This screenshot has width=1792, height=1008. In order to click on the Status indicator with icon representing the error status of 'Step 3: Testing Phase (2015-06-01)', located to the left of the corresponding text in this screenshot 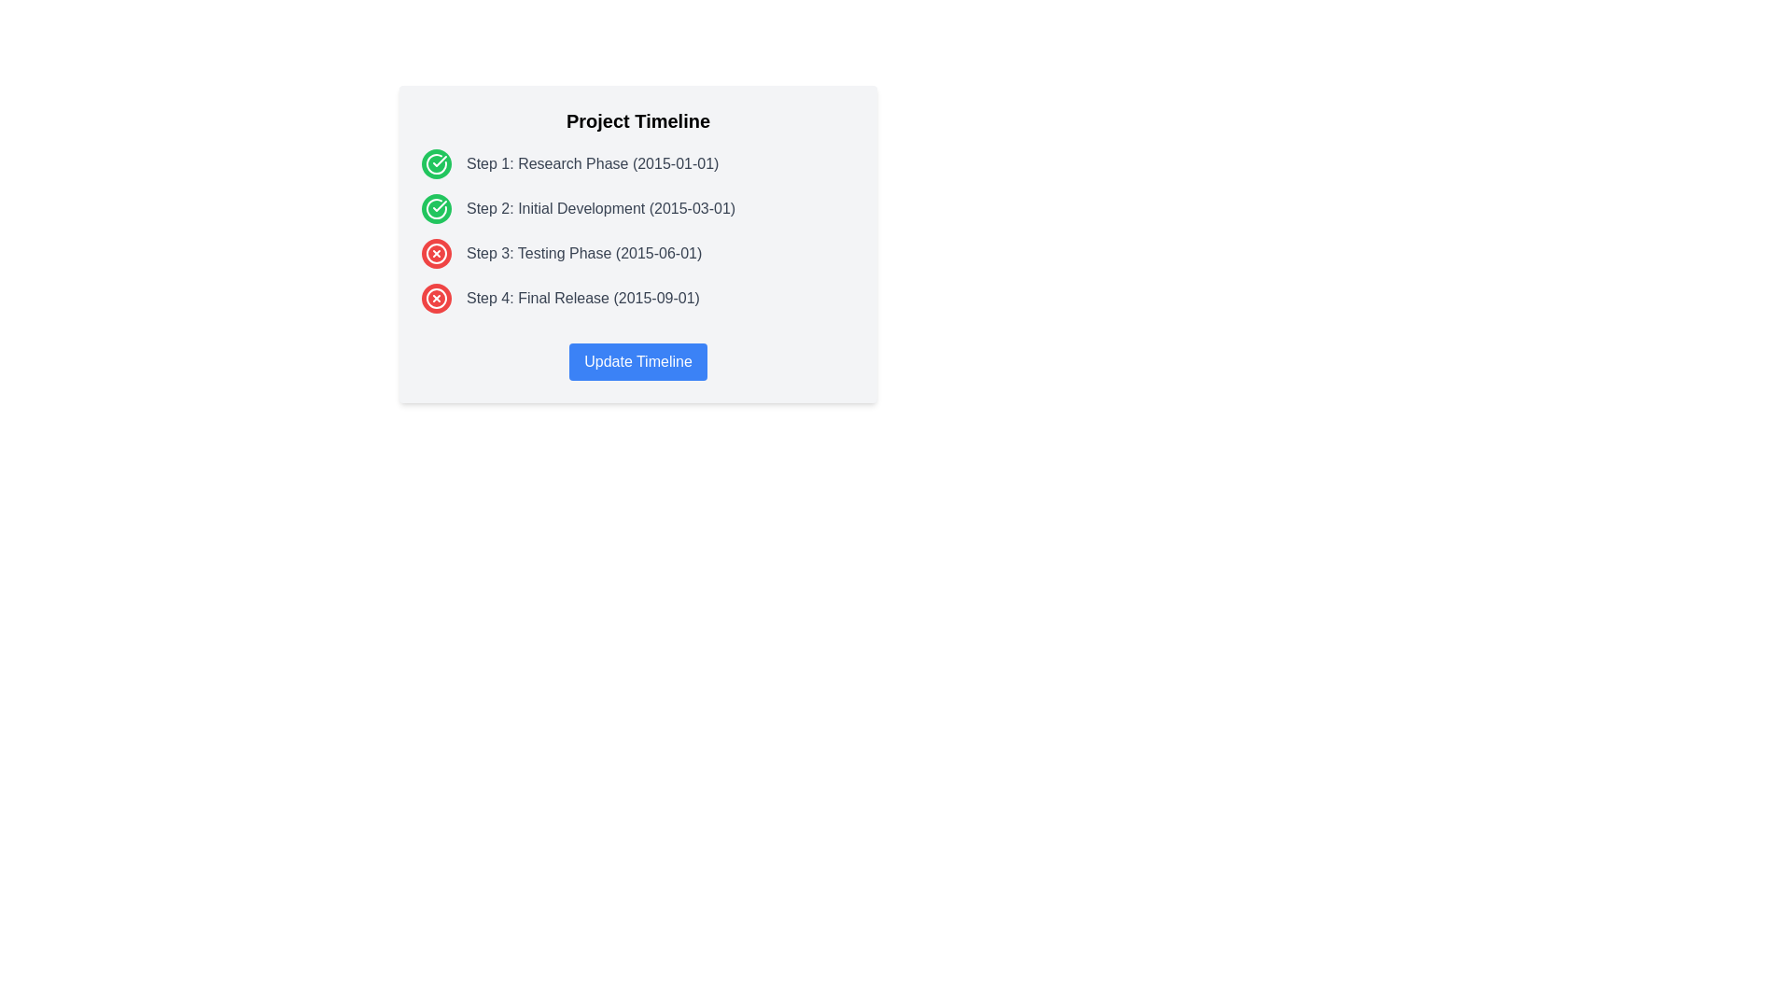, I will do `click(435, 254)`.